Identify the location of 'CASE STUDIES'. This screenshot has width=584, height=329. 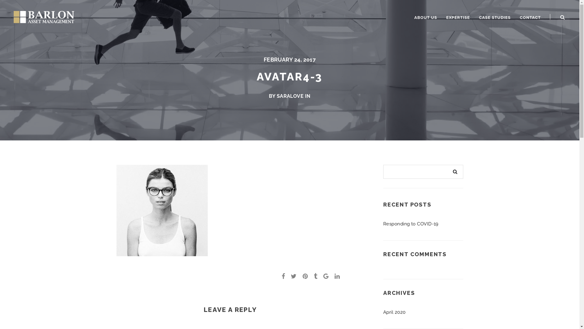
(495, 17).